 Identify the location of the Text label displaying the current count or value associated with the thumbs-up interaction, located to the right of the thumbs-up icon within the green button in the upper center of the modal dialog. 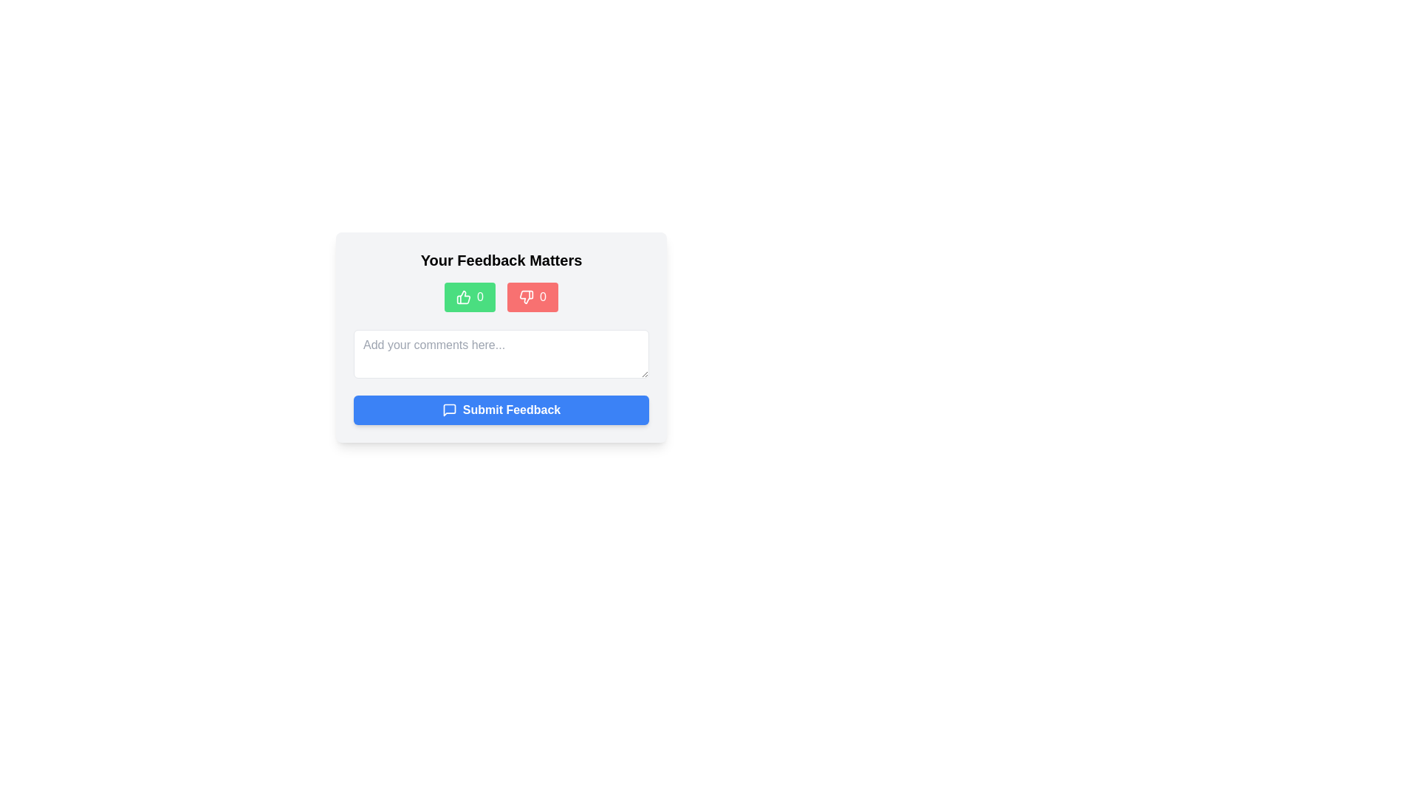
(480, 297).